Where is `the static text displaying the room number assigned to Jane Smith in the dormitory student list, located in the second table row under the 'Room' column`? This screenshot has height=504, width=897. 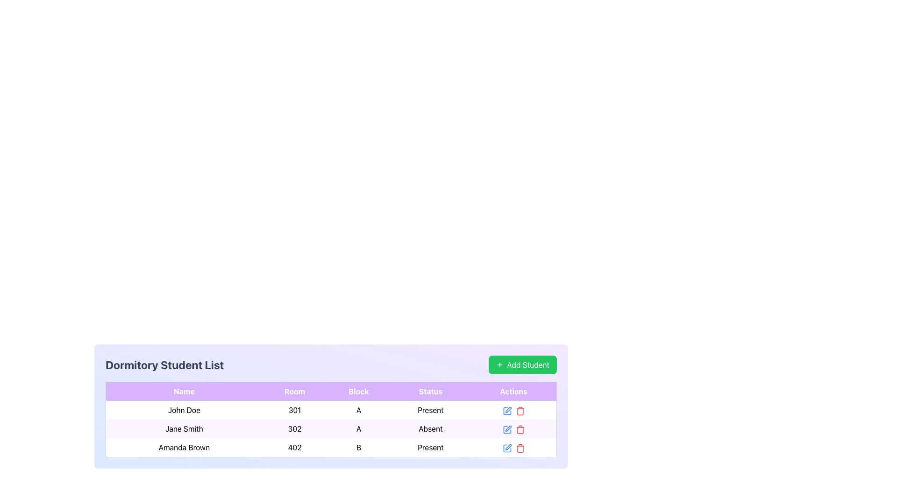 the static text displaying the room number assigned to Jane Smith in the dormitory student list, located in the second table row under the 'Room' column is located at coordinates (294, 428).